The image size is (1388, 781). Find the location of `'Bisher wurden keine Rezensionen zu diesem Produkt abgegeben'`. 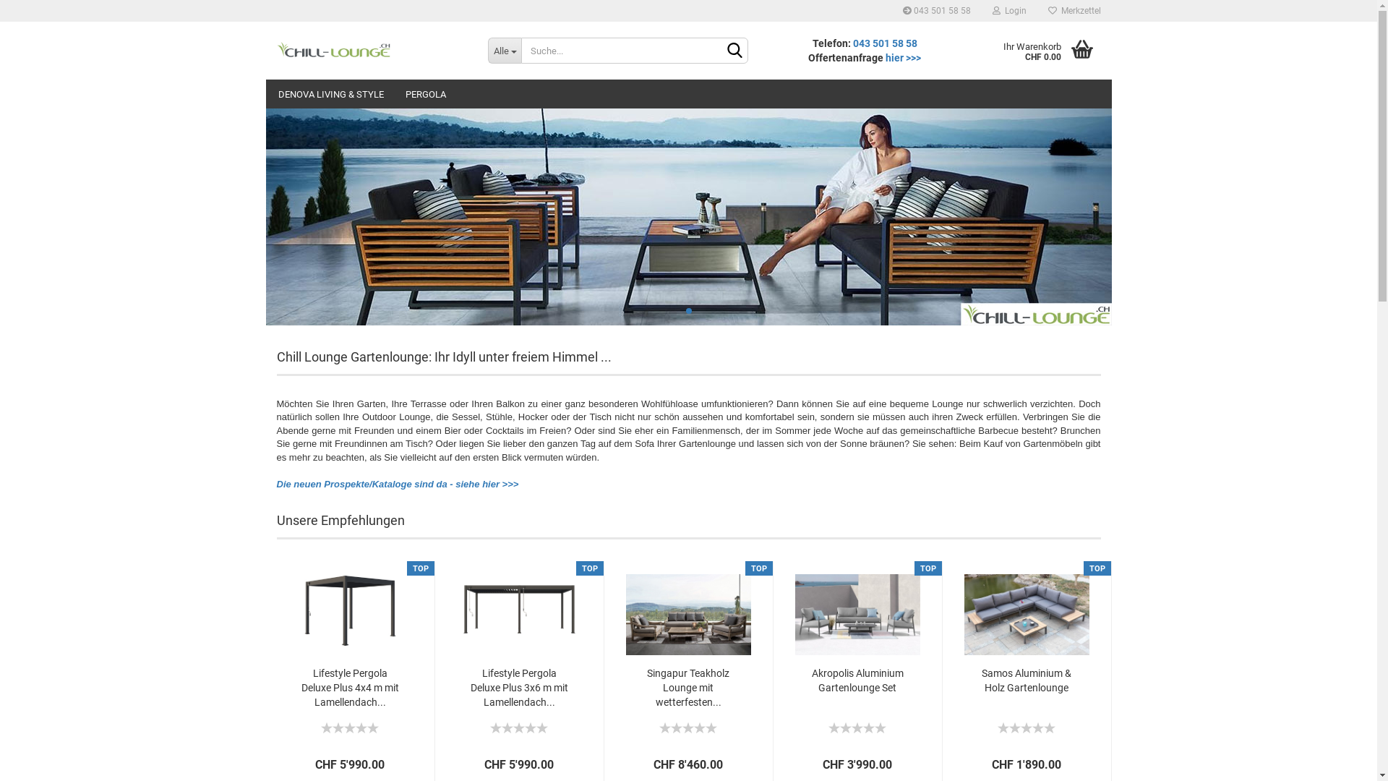

'Bisher wurden keine Rezensionen zu diesem Produkt abgegeben' is located at coordinates (519, 725).